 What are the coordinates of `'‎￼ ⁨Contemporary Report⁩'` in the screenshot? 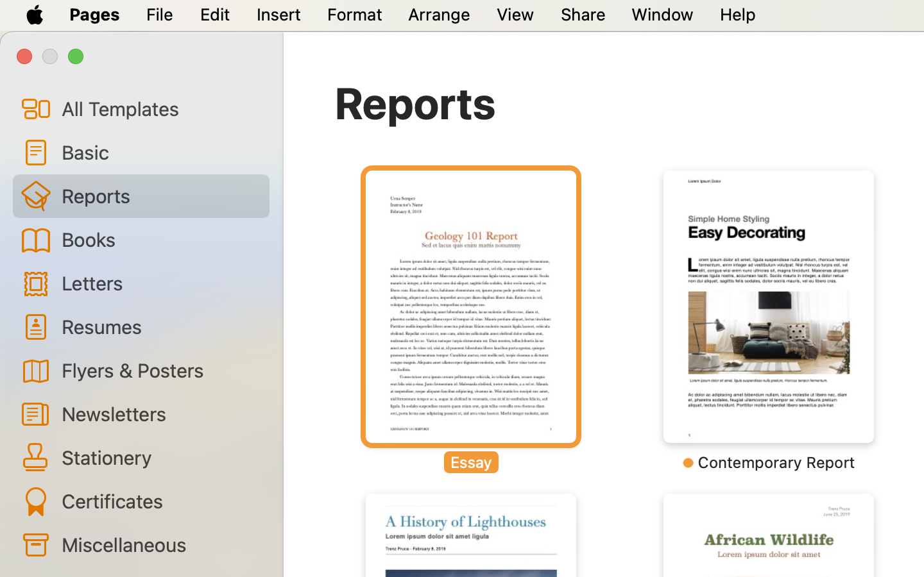 It's located at (768, 321).